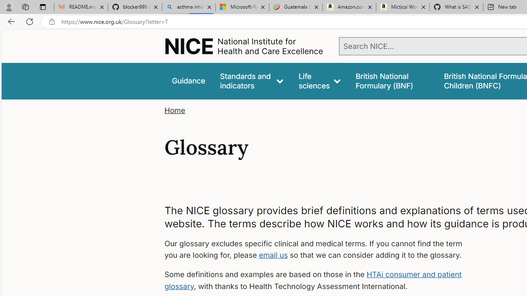 The width and height of the screenshot is (527, 296). I want to click on 'Life sciences', so click(319, 81).